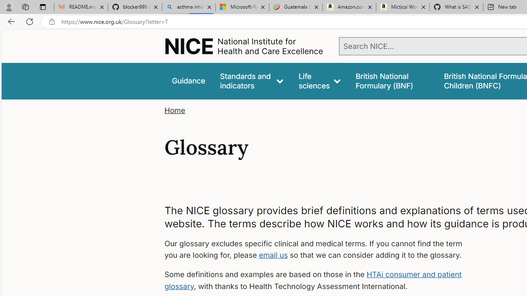 The width and height of the screenshot is (527, 296). I want to click on 'Life sciences', so click(319, 81).